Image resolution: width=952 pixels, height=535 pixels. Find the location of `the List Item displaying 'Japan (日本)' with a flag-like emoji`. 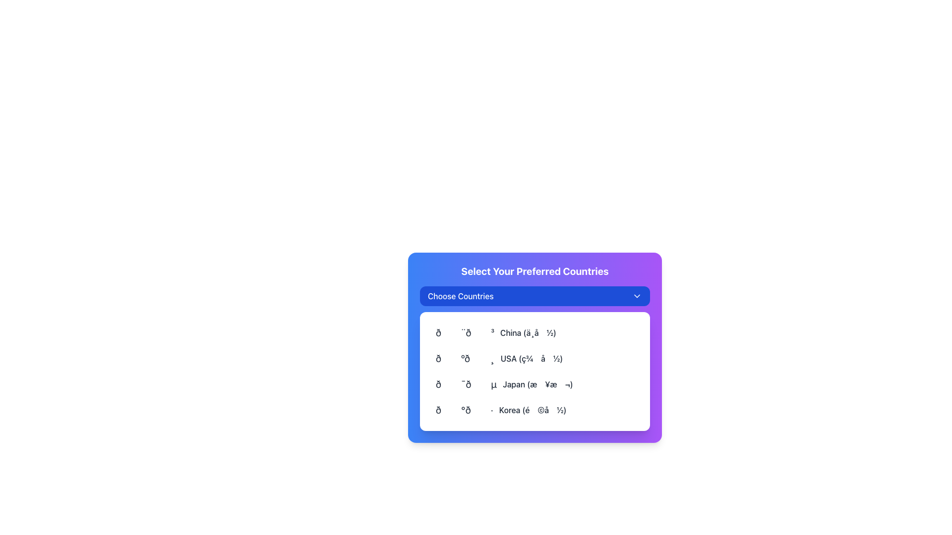

the List Item displaying 'Japan (日本)' with a flag-like emoji is located at coordinates (504, 383).